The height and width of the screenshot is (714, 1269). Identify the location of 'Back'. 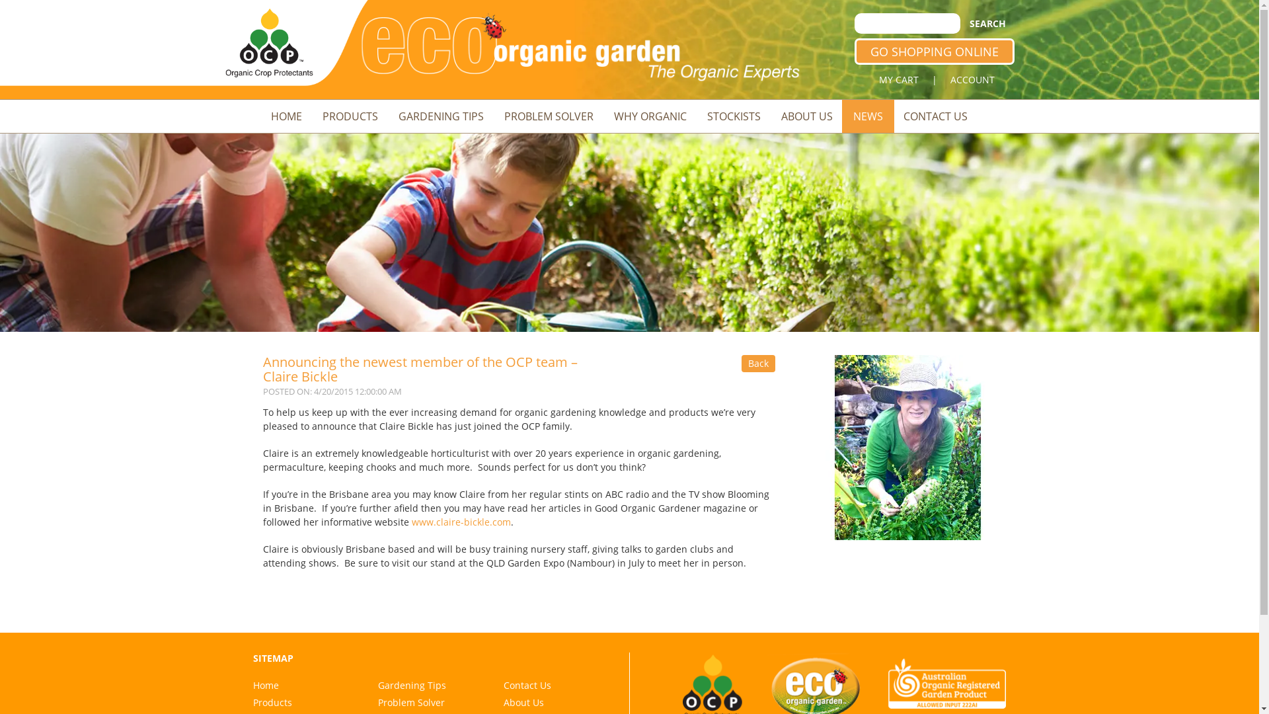
(742, 364).